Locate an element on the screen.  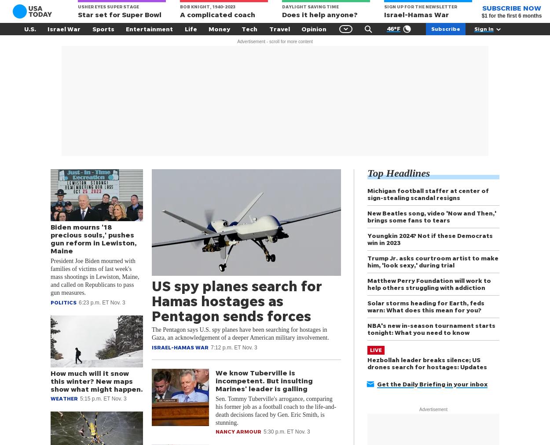
'A complicated coach' is located at coordinates (180, 14).